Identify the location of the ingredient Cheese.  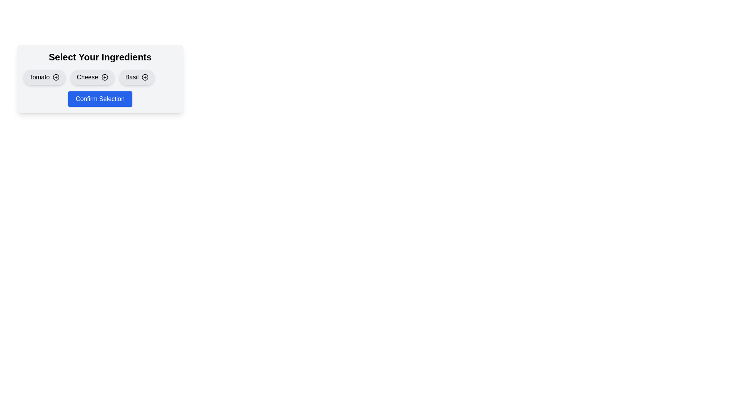
(92, 77).